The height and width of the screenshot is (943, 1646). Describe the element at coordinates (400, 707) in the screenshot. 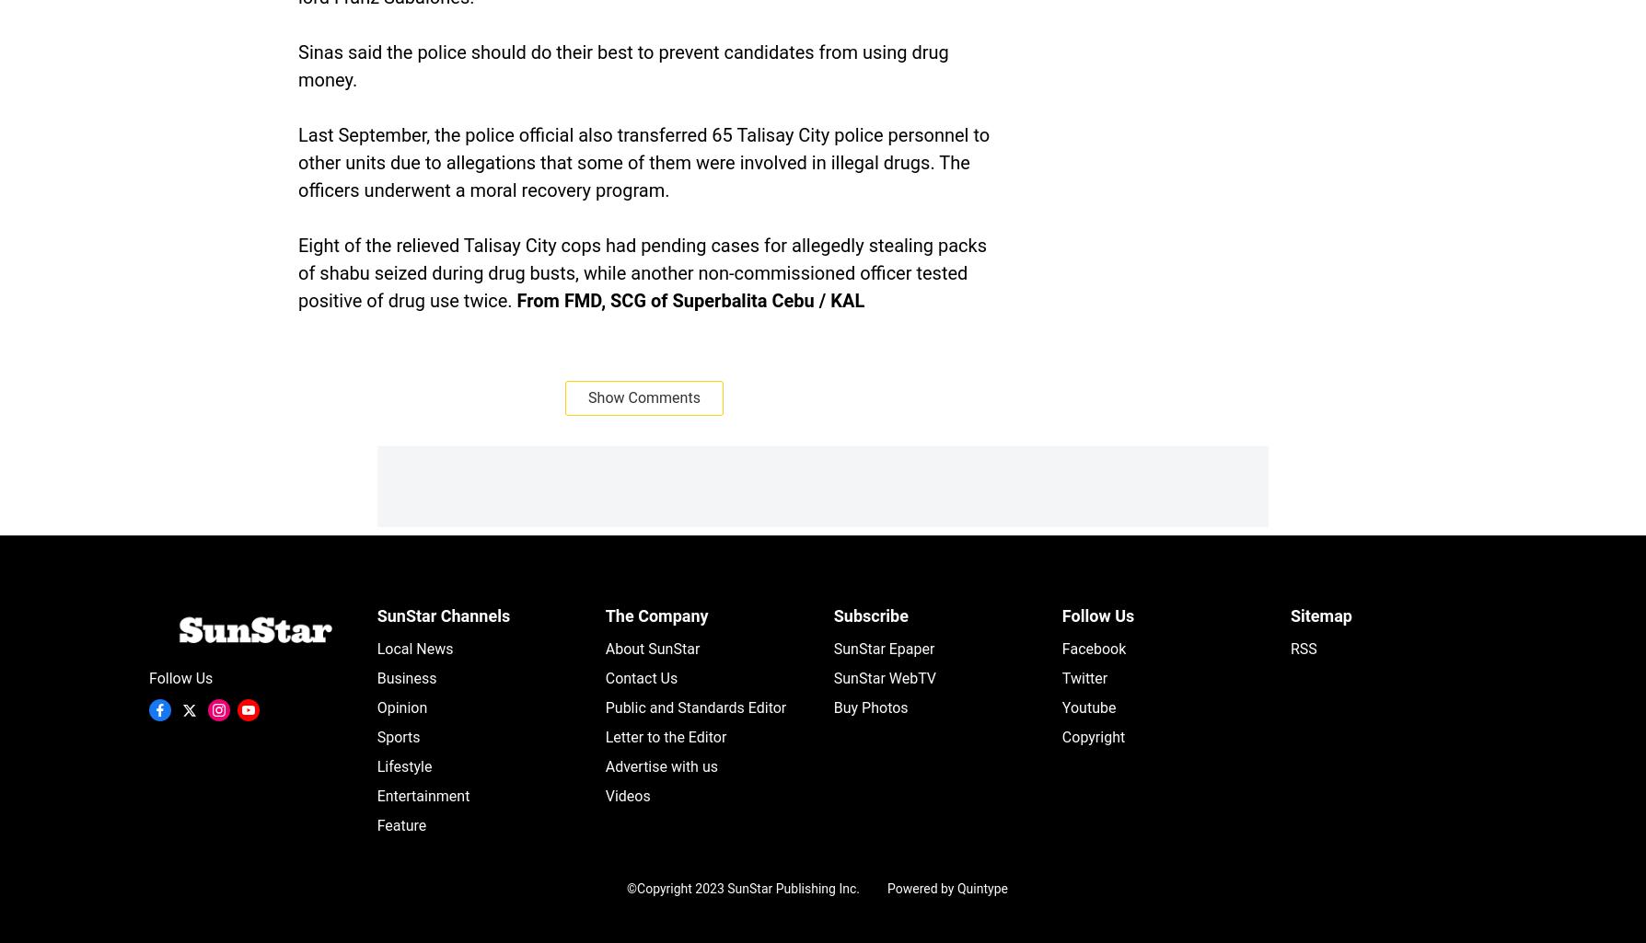

I see `'Opinion'` at that location.